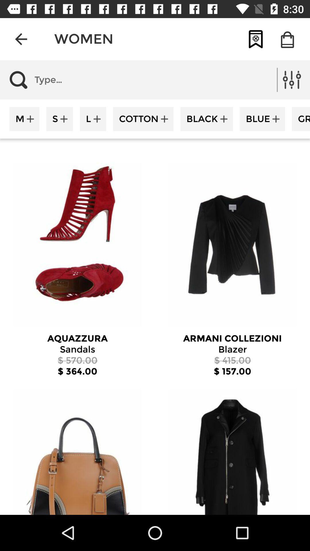  I want to click on the s item, so click(59, 119).